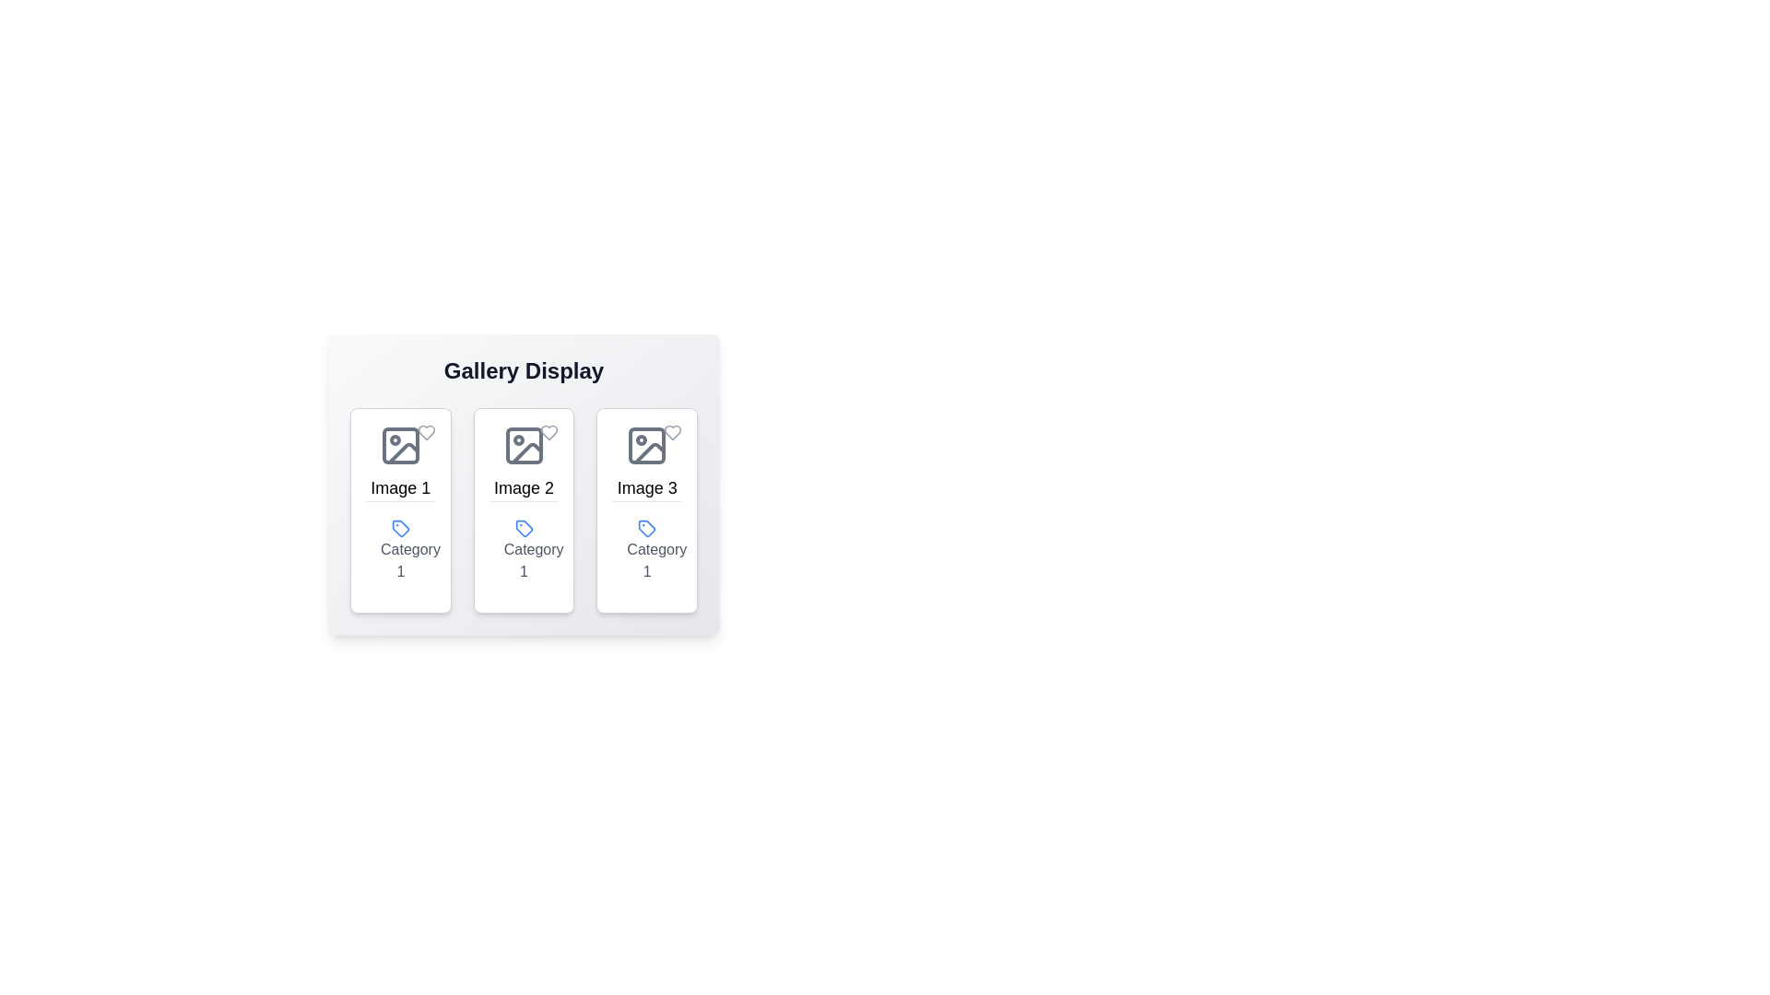 Image resolution: width=1770 pixels, height=995 pixels. I want to click on the image placeholder icon in the 'Image 3' section of the gallery display area, so click(647, 445).